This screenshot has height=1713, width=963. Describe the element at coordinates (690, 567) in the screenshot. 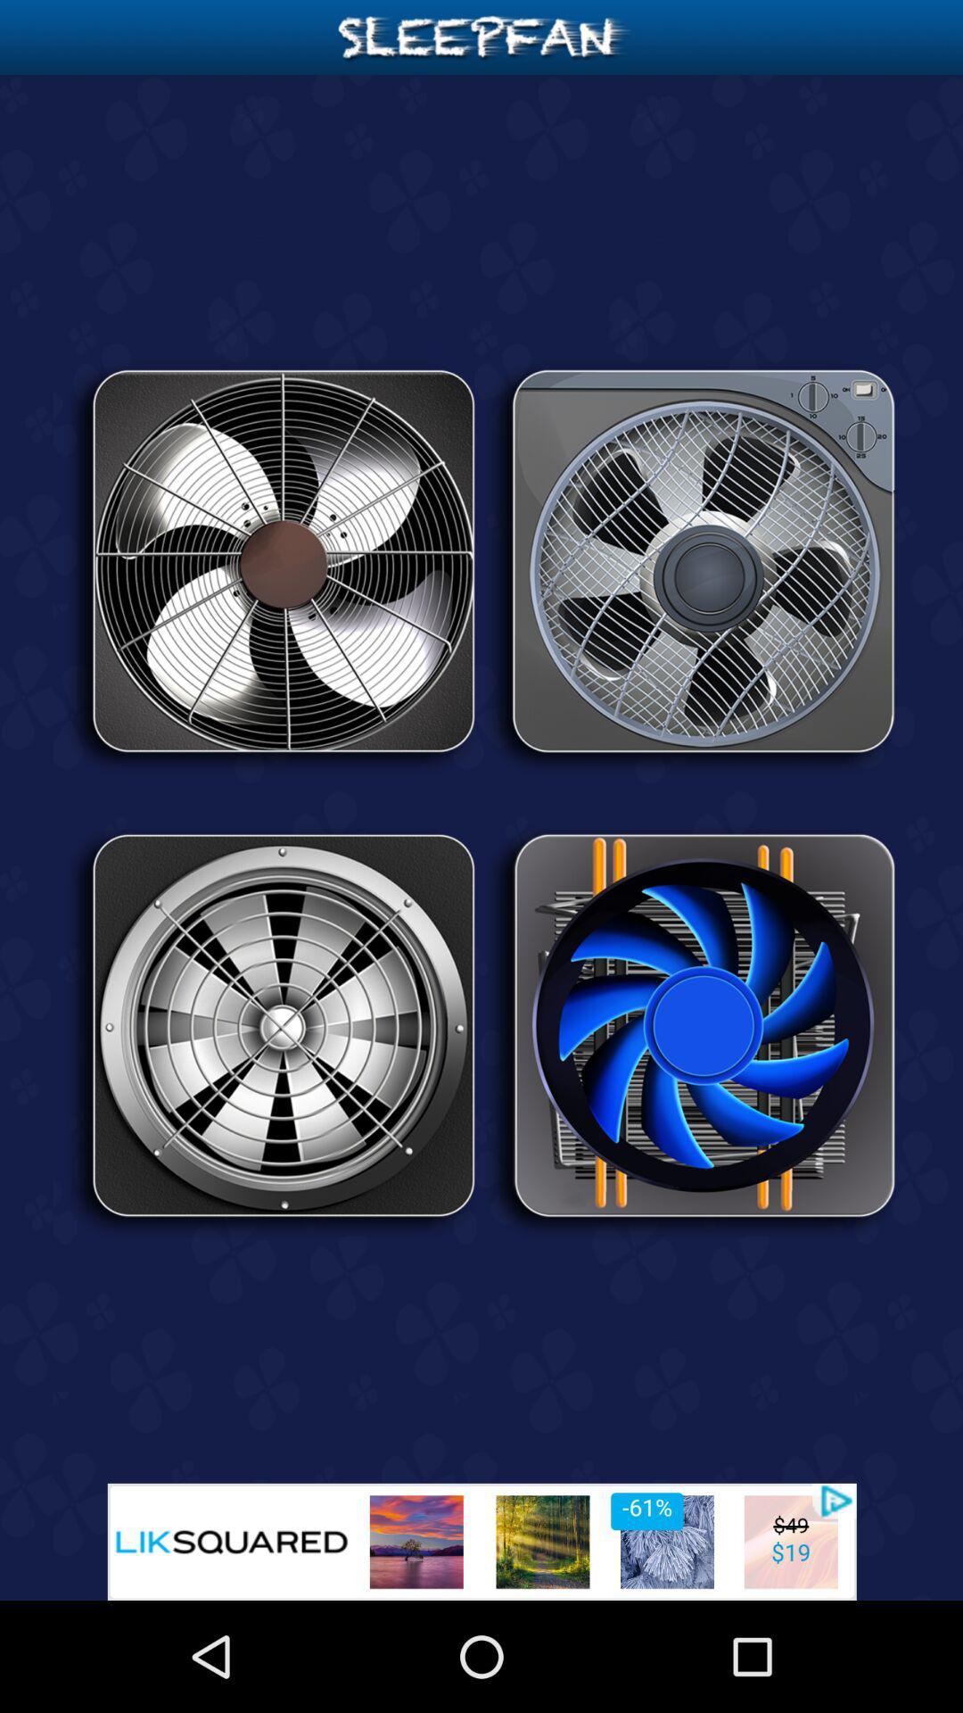

I see `this element will choose the selected fan` at that location.